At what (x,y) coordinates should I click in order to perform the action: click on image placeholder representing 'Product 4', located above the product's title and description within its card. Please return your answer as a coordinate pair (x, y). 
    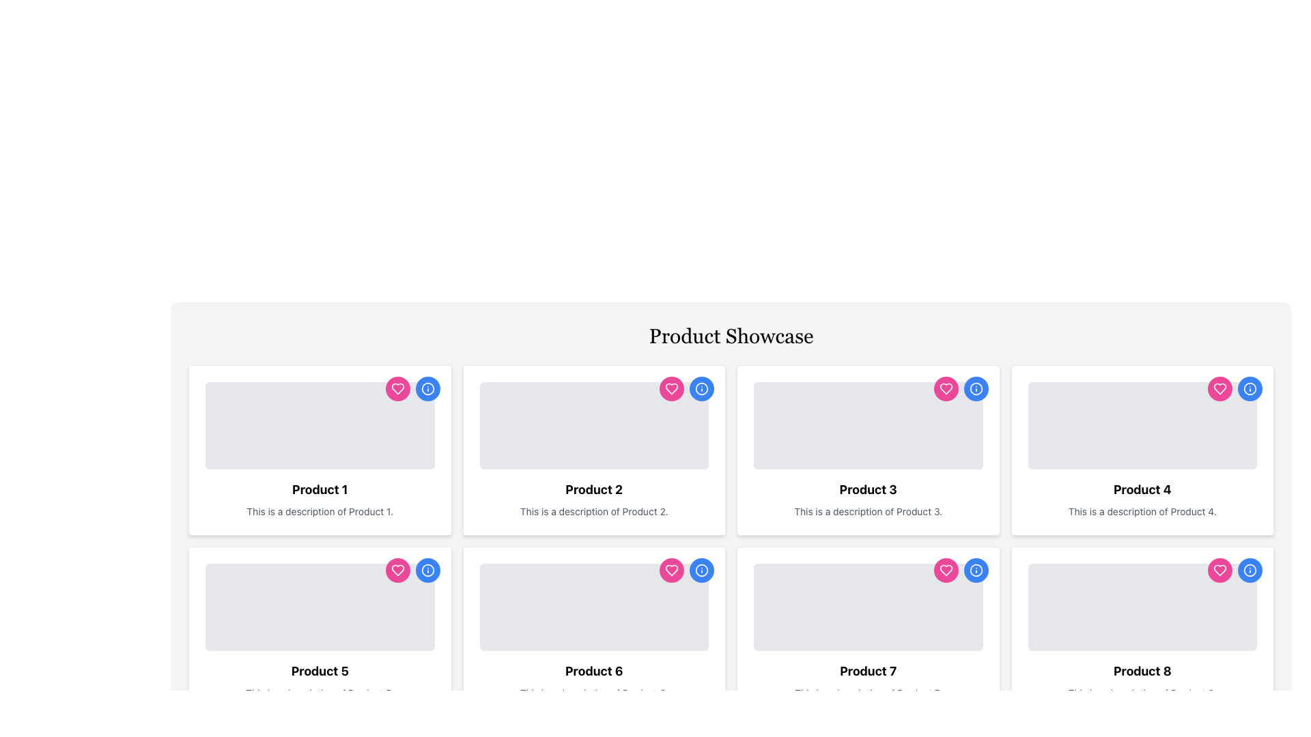
    Looking at the image, I should click on (1142, 425).